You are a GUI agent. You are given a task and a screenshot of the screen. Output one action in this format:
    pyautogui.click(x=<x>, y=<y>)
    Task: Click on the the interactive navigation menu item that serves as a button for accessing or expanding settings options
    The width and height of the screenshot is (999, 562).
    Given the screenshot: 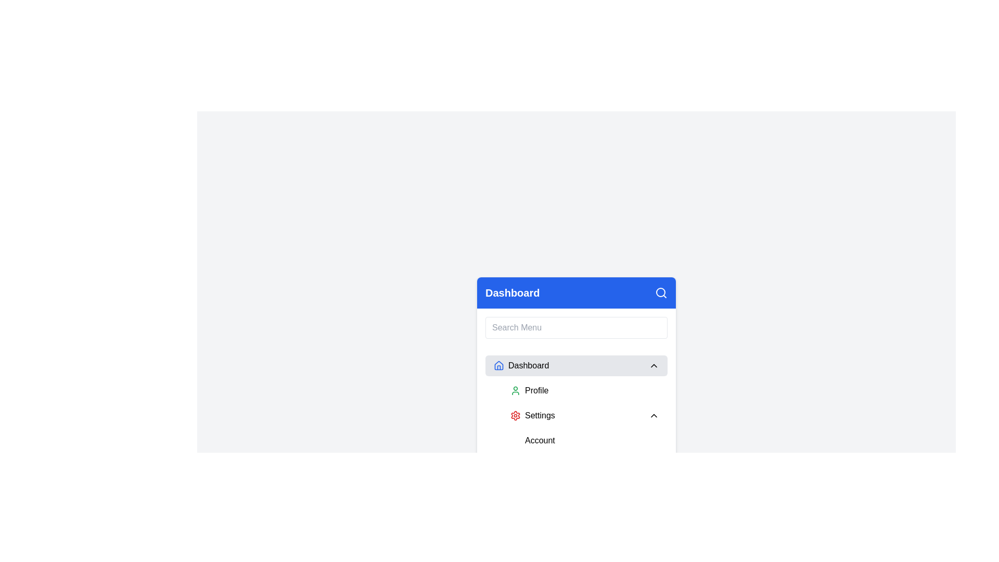 What is the action you would take?
    pyautogui.click(x=584, y=415)
    